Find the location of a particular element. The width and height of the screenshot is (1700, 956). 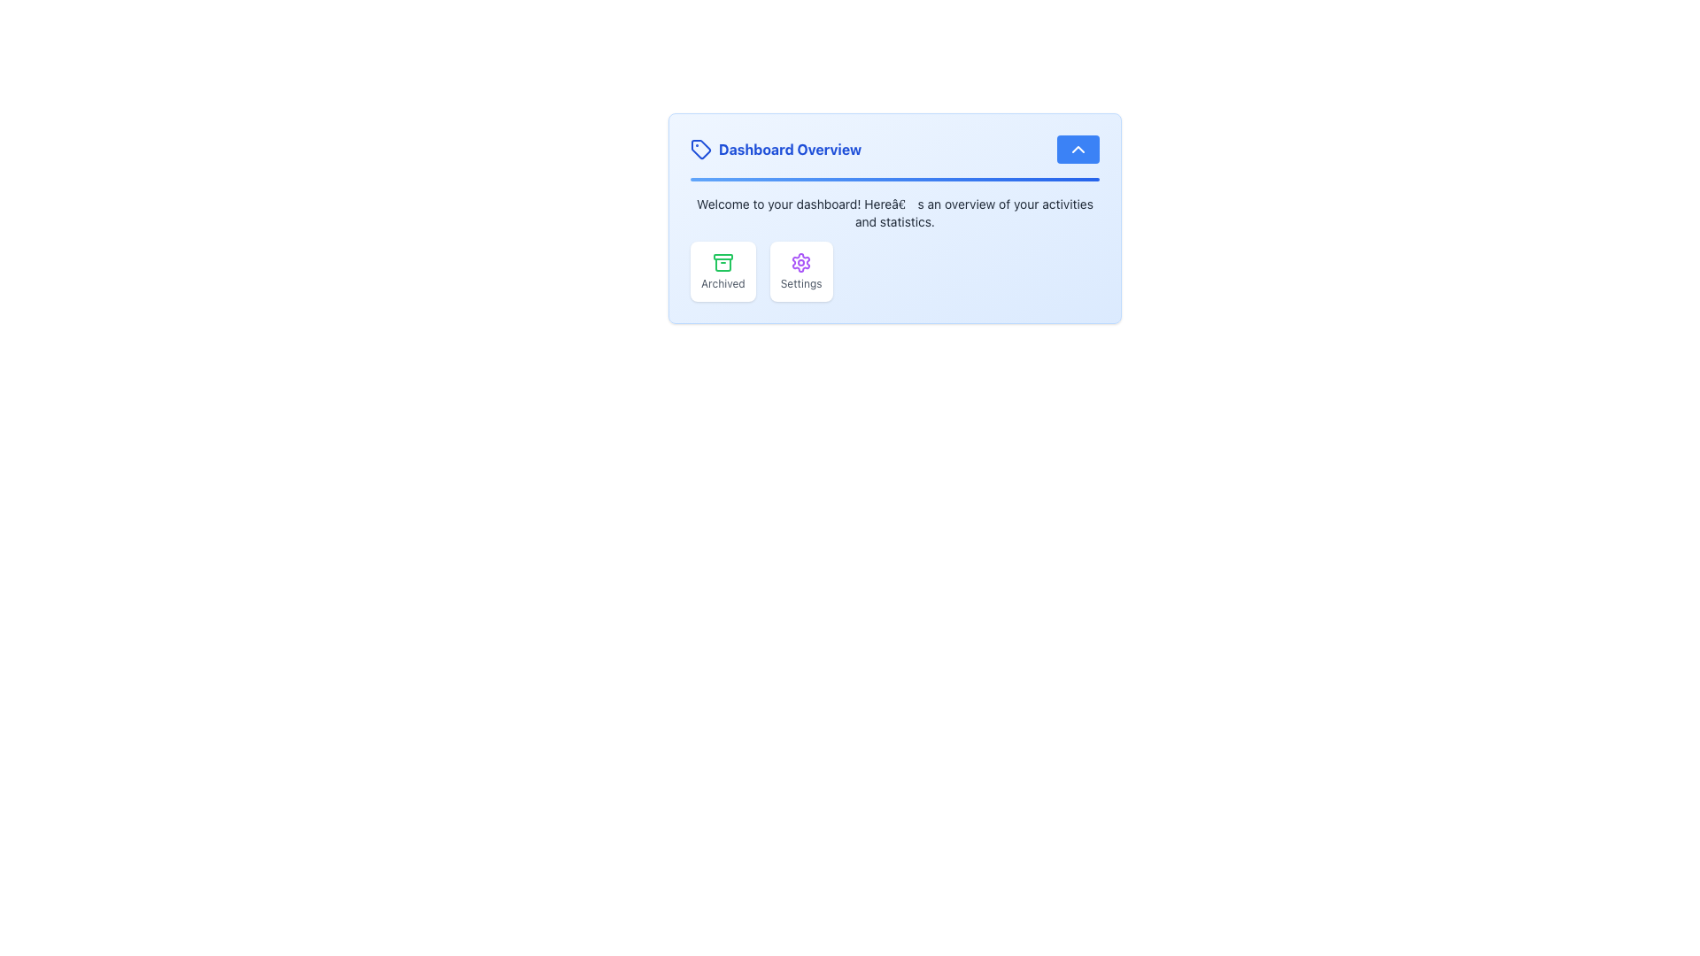

the purple gear icon resembling a mechanical cogwheel located near the 'Settings' button in the 'Dashboard Overview' panel is located at coordinates (800, 263).